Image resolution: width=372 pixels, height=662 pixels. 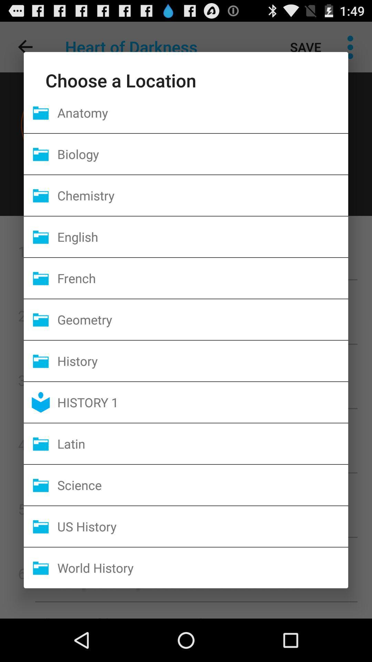 I want to click on geometry, so click(x=202, y=319).